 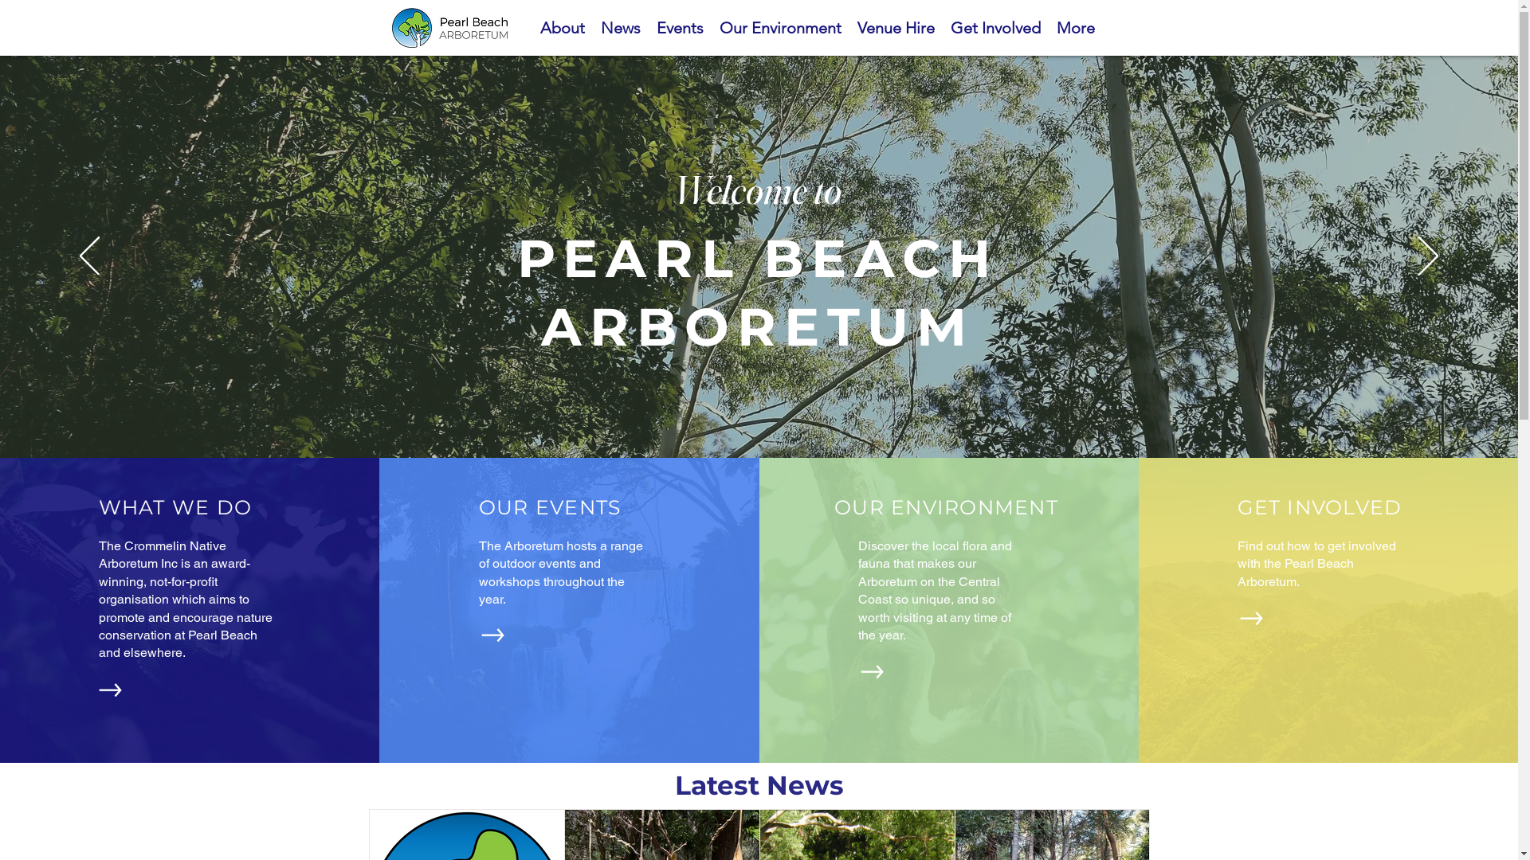 I want to click on 'News', so click(x=619, y=27).